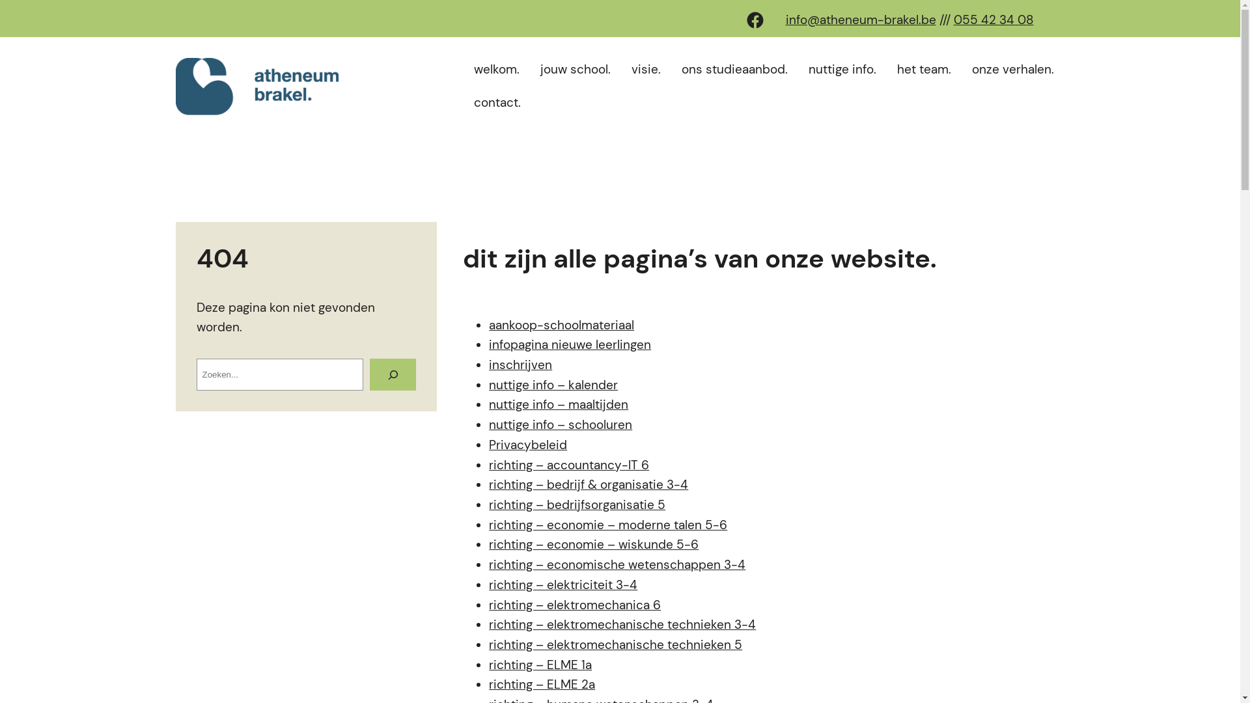  Describe the element at coordinates (842, 70) in the screenshot. I see `'nuttige info.'` at that location.